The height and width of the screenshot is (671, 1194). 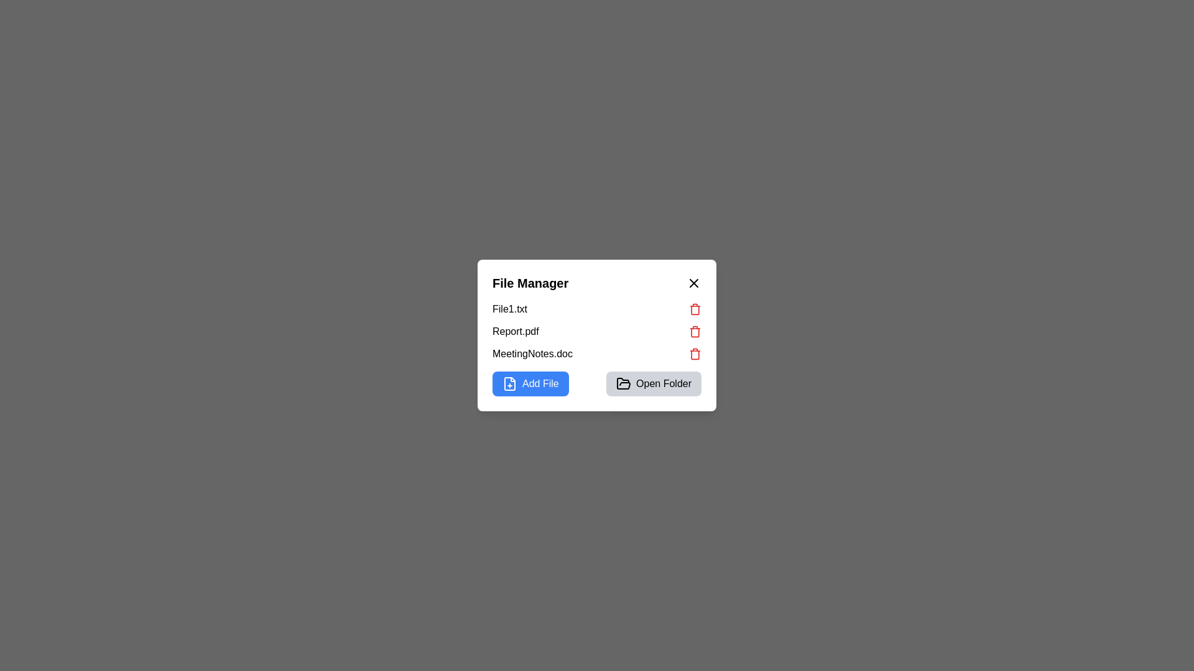 What do you see at coordinates (624, 383) in the screenshot?
I see `the 'Open Folder' icon located on the left side of the 'Open Folder' button at the bottom-right corner of the modal dialog box` at bounding box center [624, 383].